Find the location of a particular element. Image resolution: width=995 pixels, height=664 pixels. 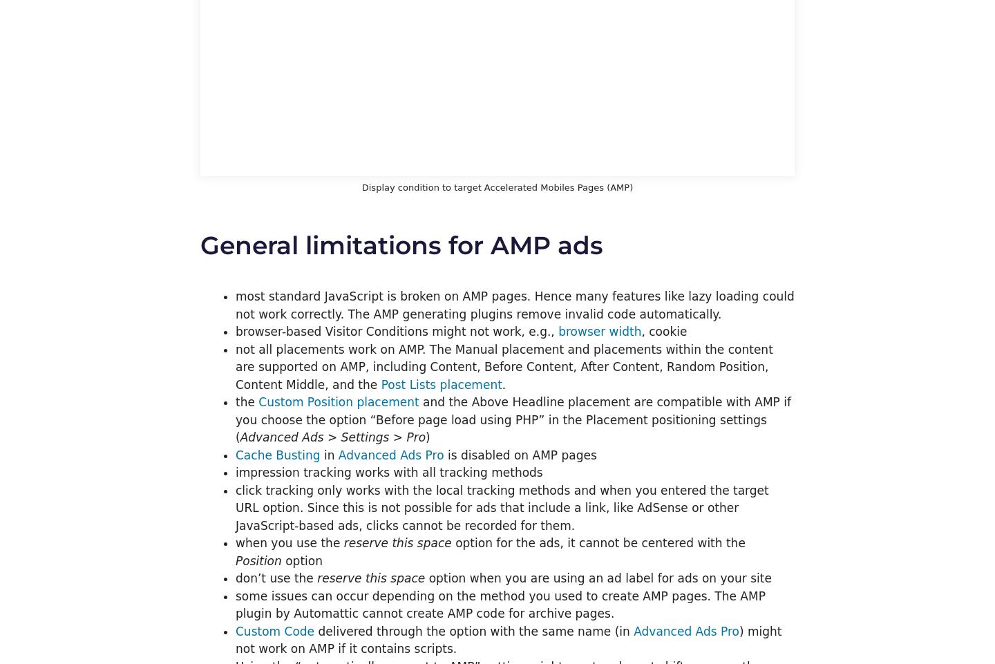

'browser-based Visitor Conditions might not work, e.g.,' is located at coordinates (397, 331).